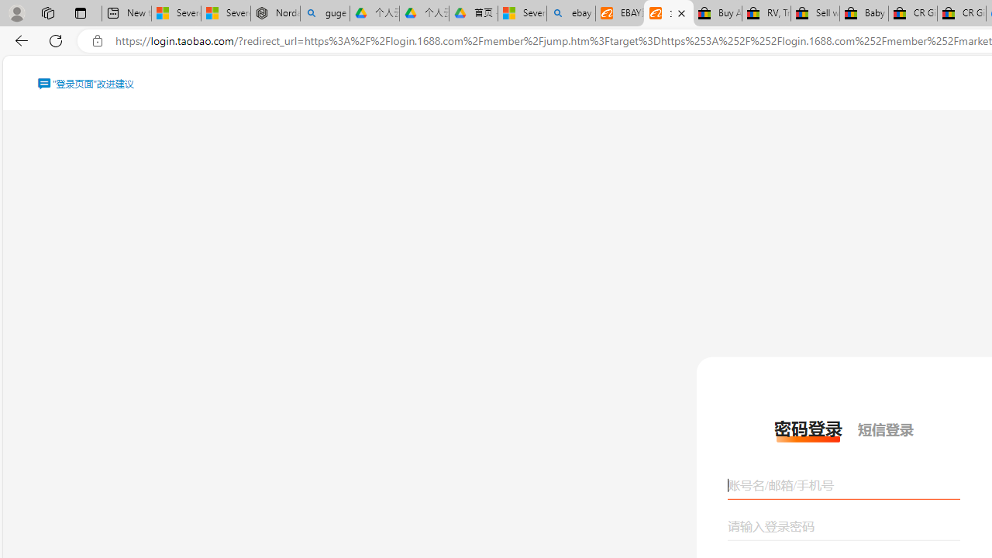 The width and height of the screenshot is (992, 558). What do you see at coordinates (80, 12) in the screenshot?
I see `'Tab actions menu'` at bounding box center [80, 12].